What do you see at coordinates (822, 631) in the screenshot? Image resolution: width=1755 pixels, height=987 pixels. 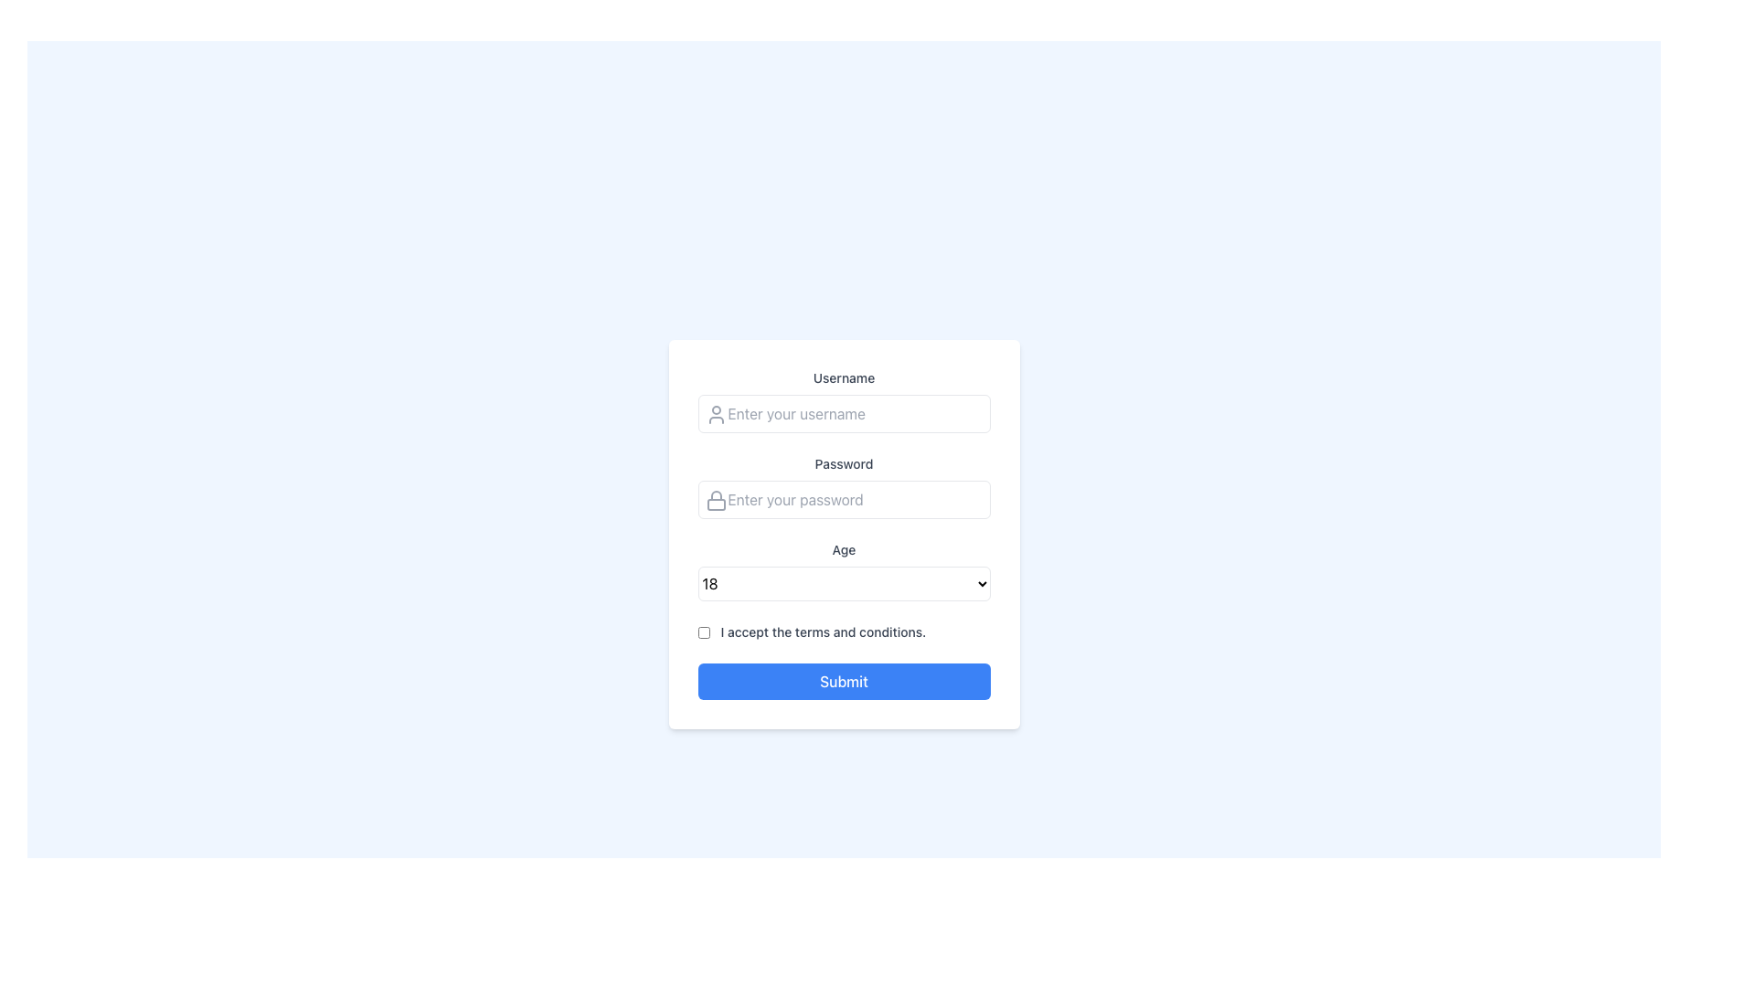 I see `the text label that reads 'I accept the terms and conditions.' which is located at the bottom of the form, next to a checkbox` at bounding box center [822, 631].